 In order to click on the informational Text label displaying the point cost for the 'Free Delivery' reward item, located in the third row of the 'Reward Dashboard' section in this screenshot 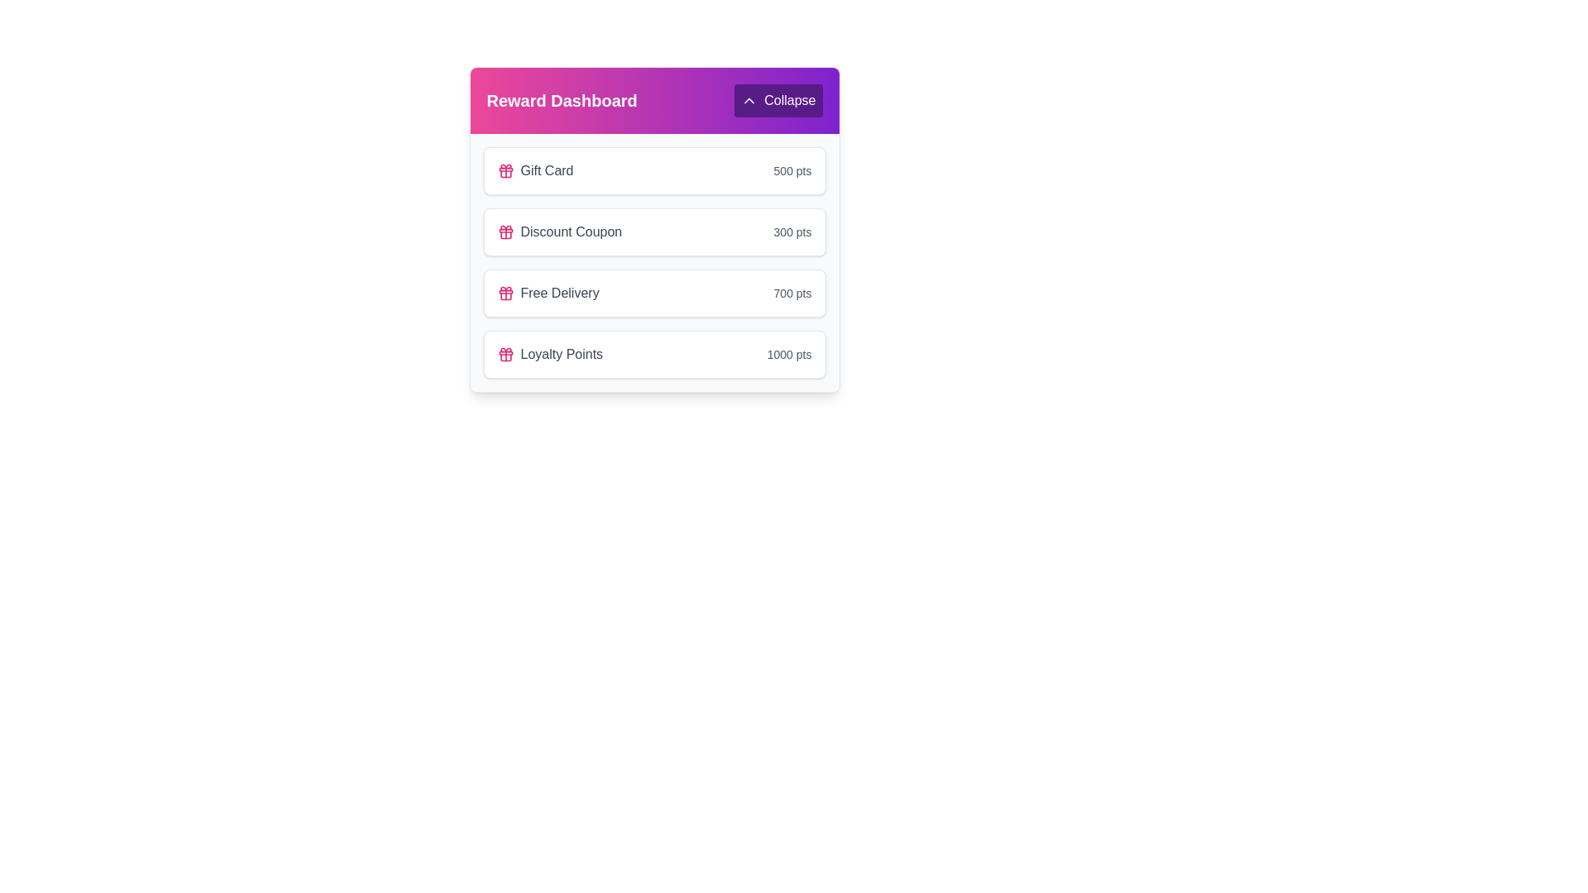, I will do `click(792, 292)`.